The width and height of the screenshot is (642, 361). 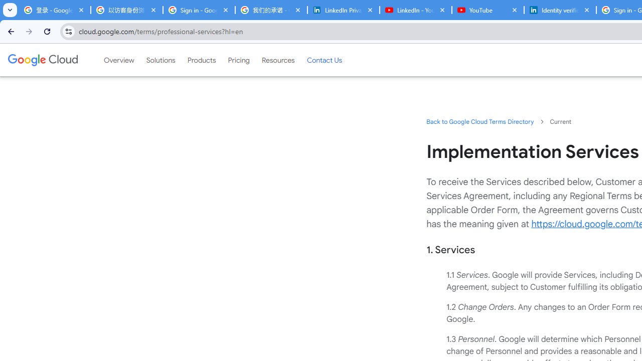 What do you see at coordinates (479, 121) in the screenshot?
I see `'Back to Google Cloud Terms Directory'` at bounding box center [479, 121].